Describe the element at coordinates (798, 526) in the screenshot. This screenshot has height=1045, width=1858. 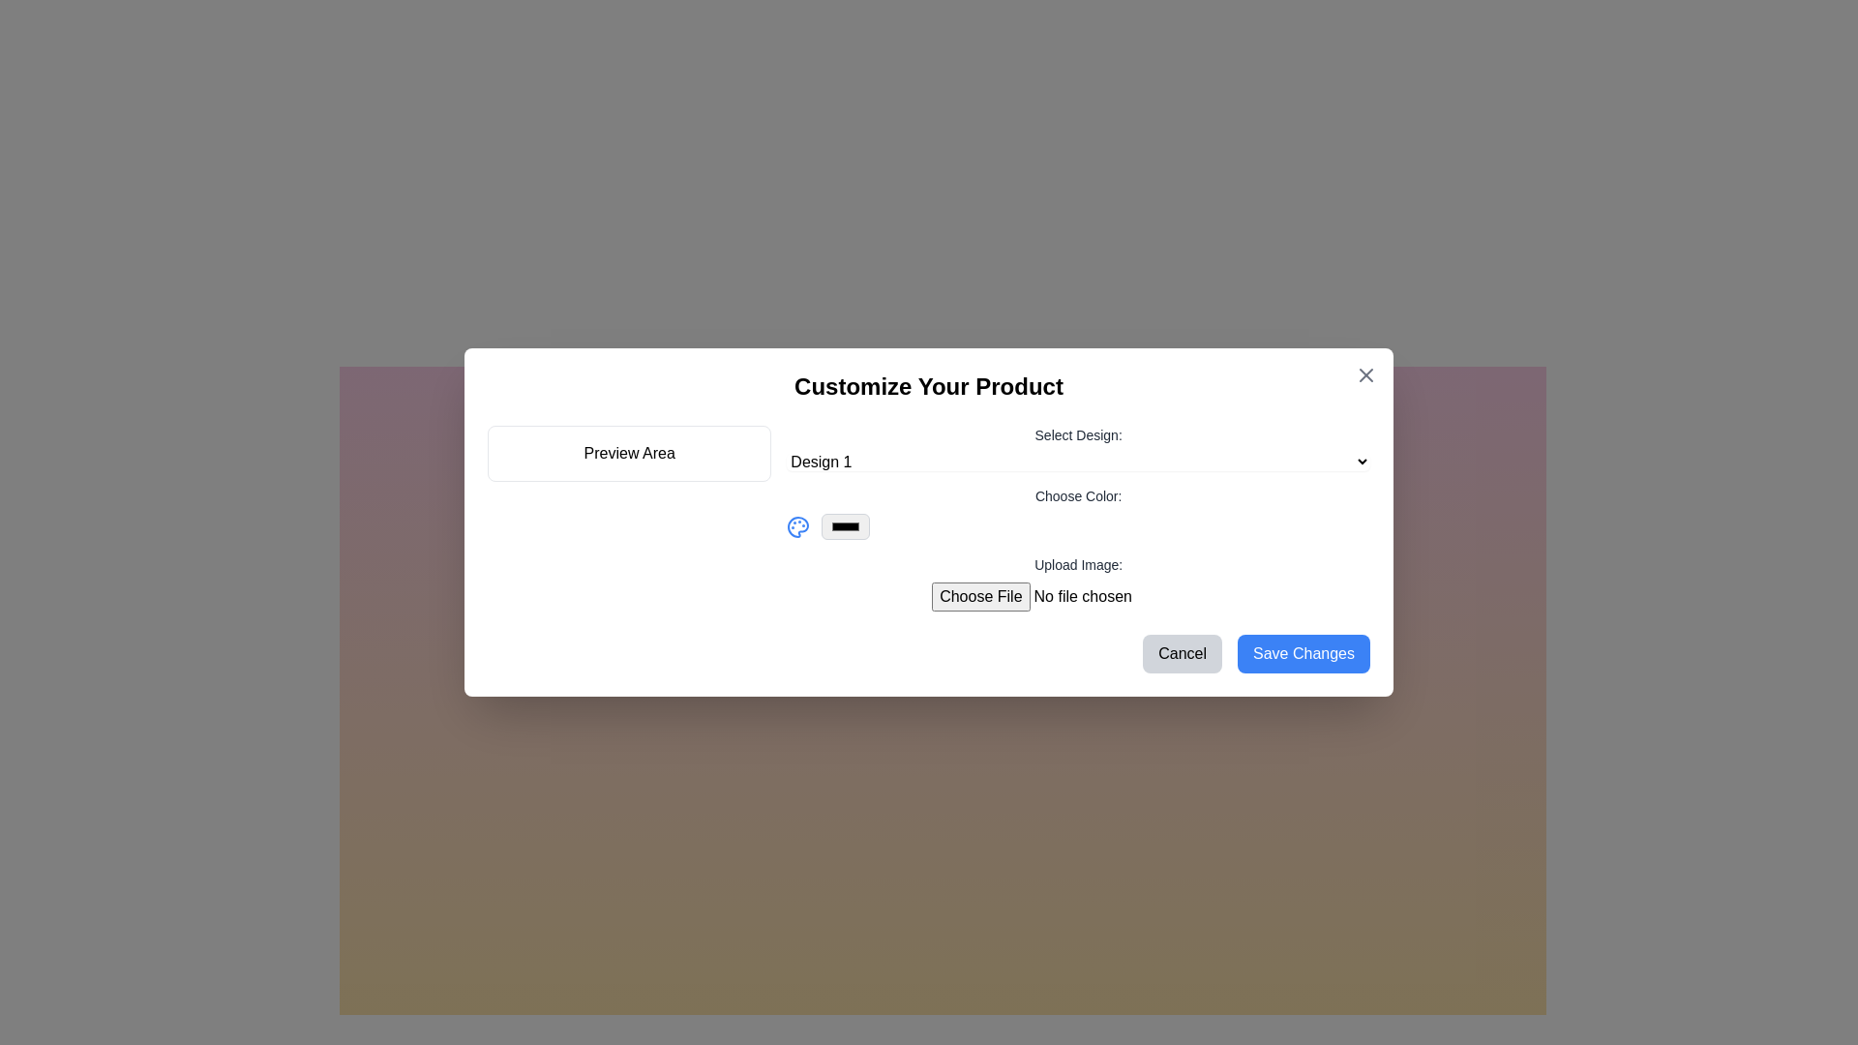
I see `the color palette icon in the 'Choose Color' section of the 'Customize Your Product' modal dialog` at that location.